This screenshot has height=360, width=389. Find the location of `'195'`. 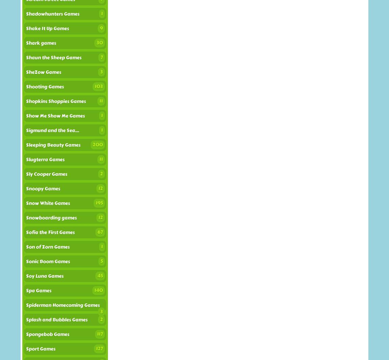

'195' is located at coordinates (99, 203).